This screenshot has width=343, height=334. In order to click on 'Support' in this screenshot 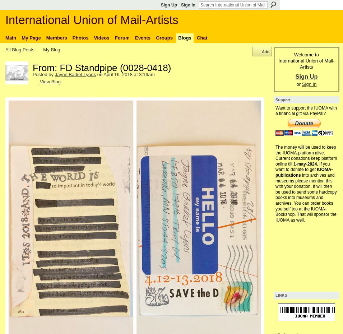, I will do `click(282, 99)`.